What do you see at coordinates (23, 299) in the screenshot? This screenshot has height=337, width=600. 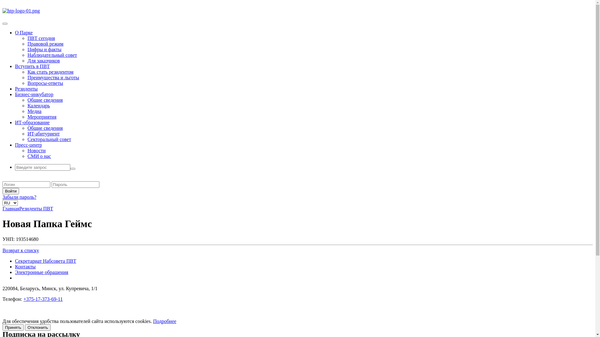 I see `'+375-17-373-69-11'` at bounding box center [23, 299].